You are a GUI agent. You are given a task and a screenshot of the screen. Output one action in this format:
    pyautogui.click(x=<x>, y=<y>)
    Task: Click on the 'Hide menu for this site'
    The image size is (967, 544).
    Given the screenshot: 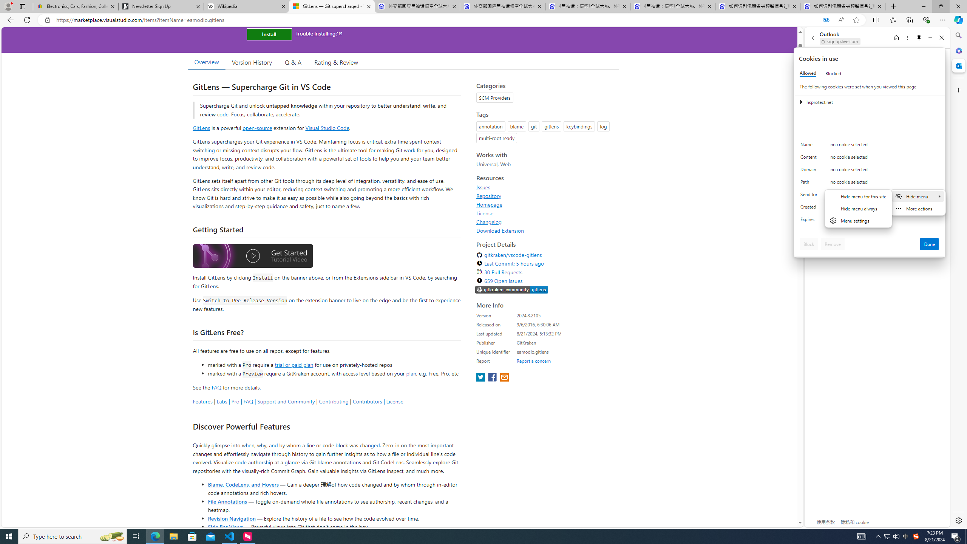 What is the action you would take?
    pyautogui.click(x=858, y=196)
    